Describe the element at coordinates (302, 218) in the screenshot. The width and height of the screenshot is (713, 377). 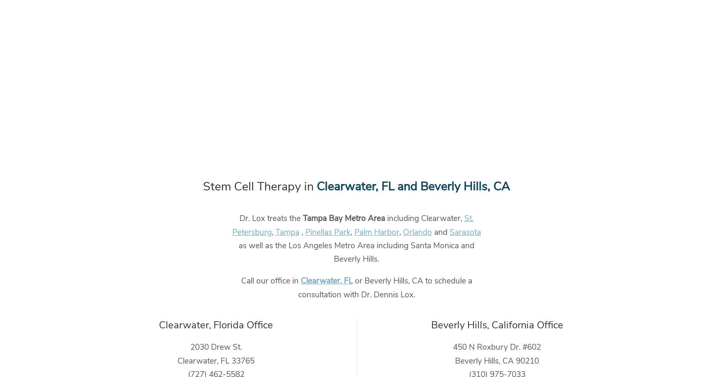
I see `'Tampa Bay Metro Area'` at that location.